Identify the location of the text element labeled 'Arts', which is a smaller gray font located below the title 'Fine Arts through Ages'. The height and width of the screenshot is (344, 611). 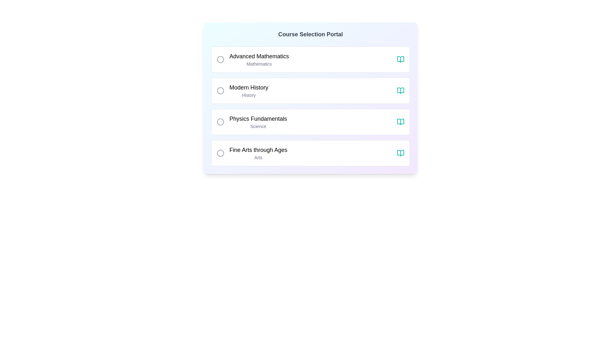
(258, 157).